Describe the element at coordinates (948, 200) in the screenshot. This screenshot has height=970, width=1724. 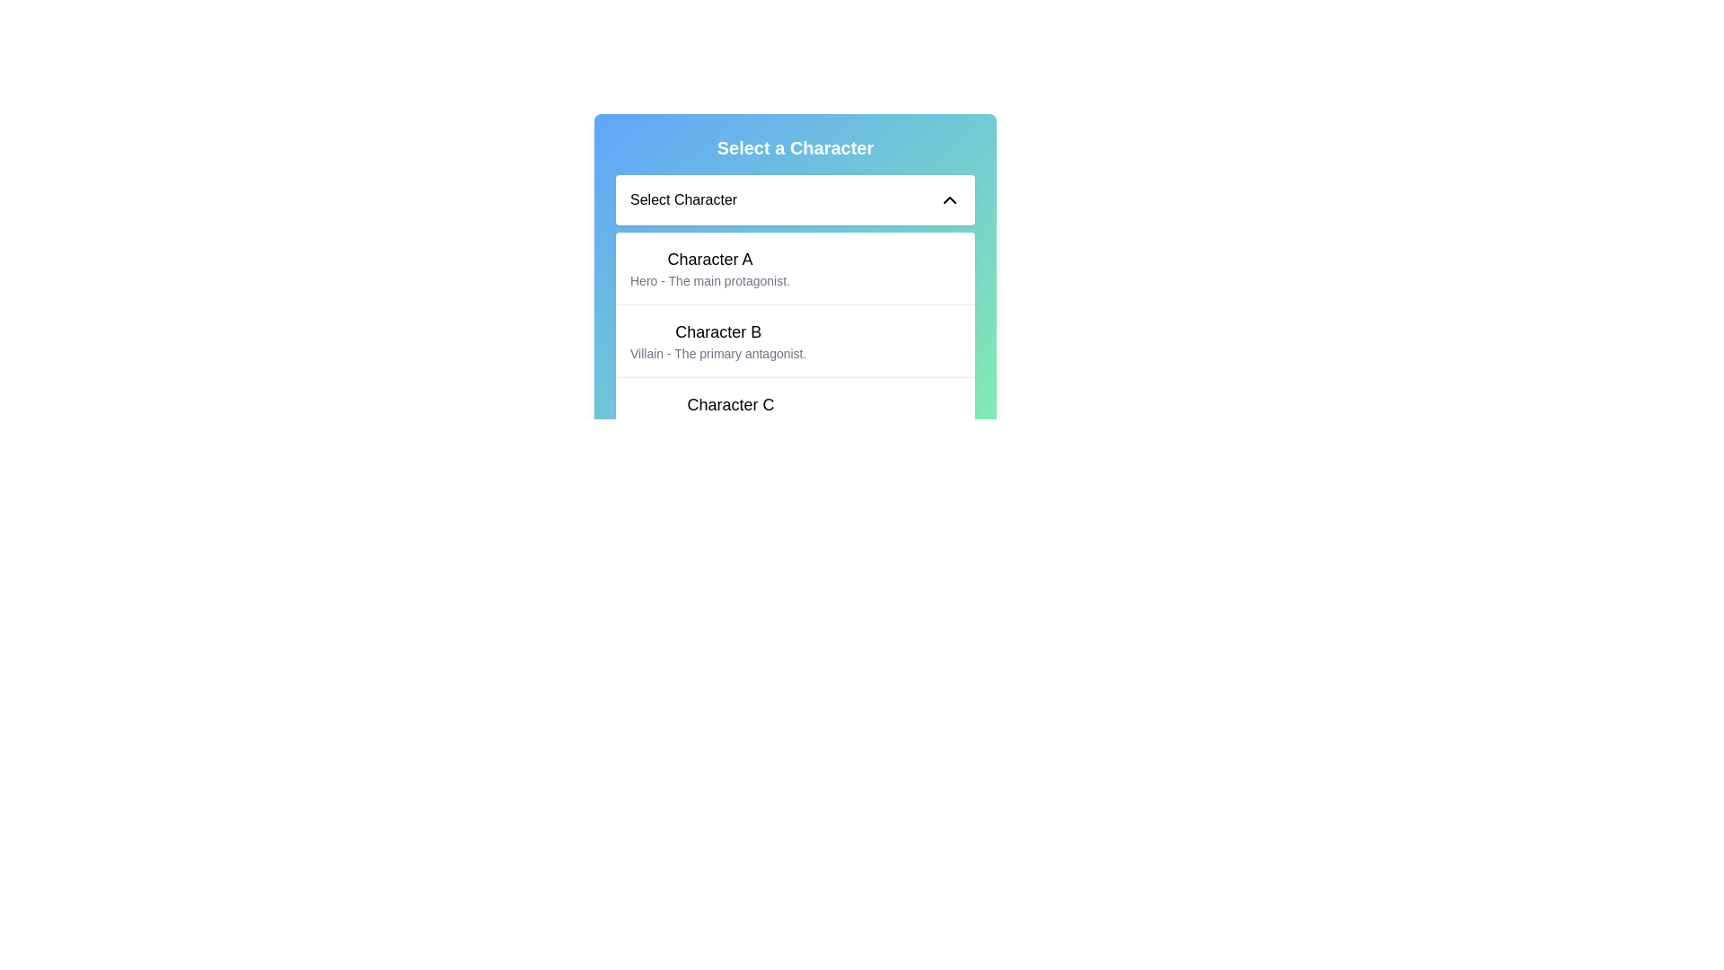
I see `the icon located at the right end of the 'Select Character' bar` at that location.